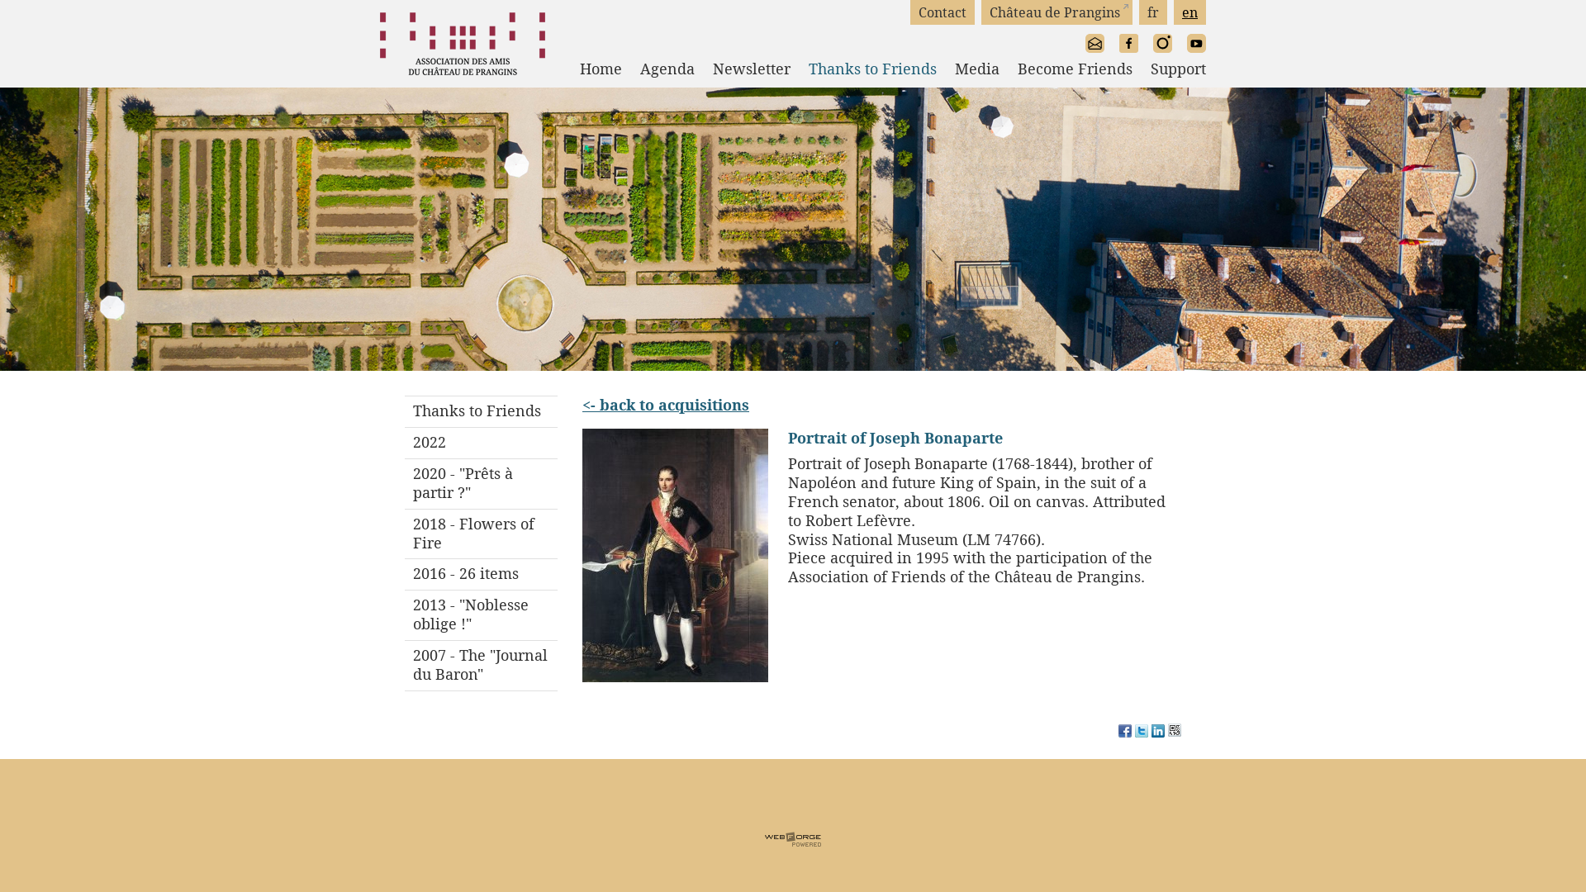 The height and width of the screenshot is (892, 1586). Describe the element at coordinates (1173, 732) in the screenshot. I see `'Afficher le QR-Code'` at that location.